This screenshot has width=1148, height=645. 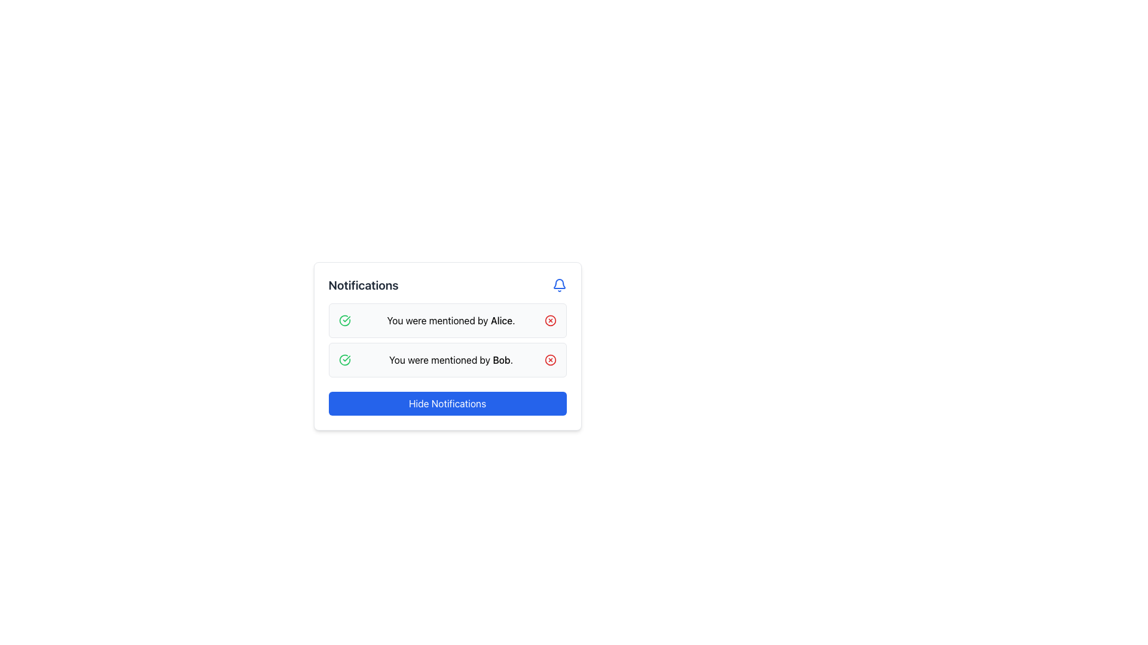 What do you see at coordinates (344, 320) in the screenshot?
I see `the first icon from the left within the notification message 'You were mentioned by Alice.' which indicates a successfully completed or verified action` at bounding box center [344, 320].